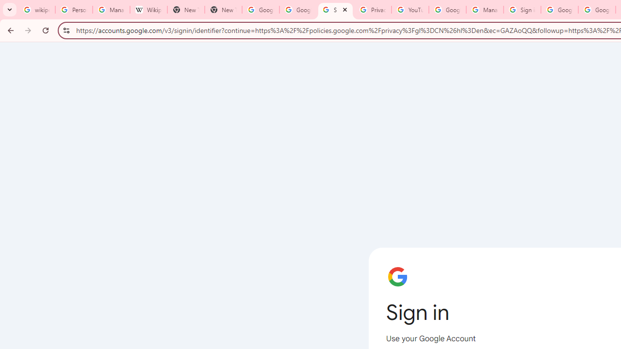 The height and width of the screenshot is (349, 621). I want to click on 'New Tab', so click(223, 10).